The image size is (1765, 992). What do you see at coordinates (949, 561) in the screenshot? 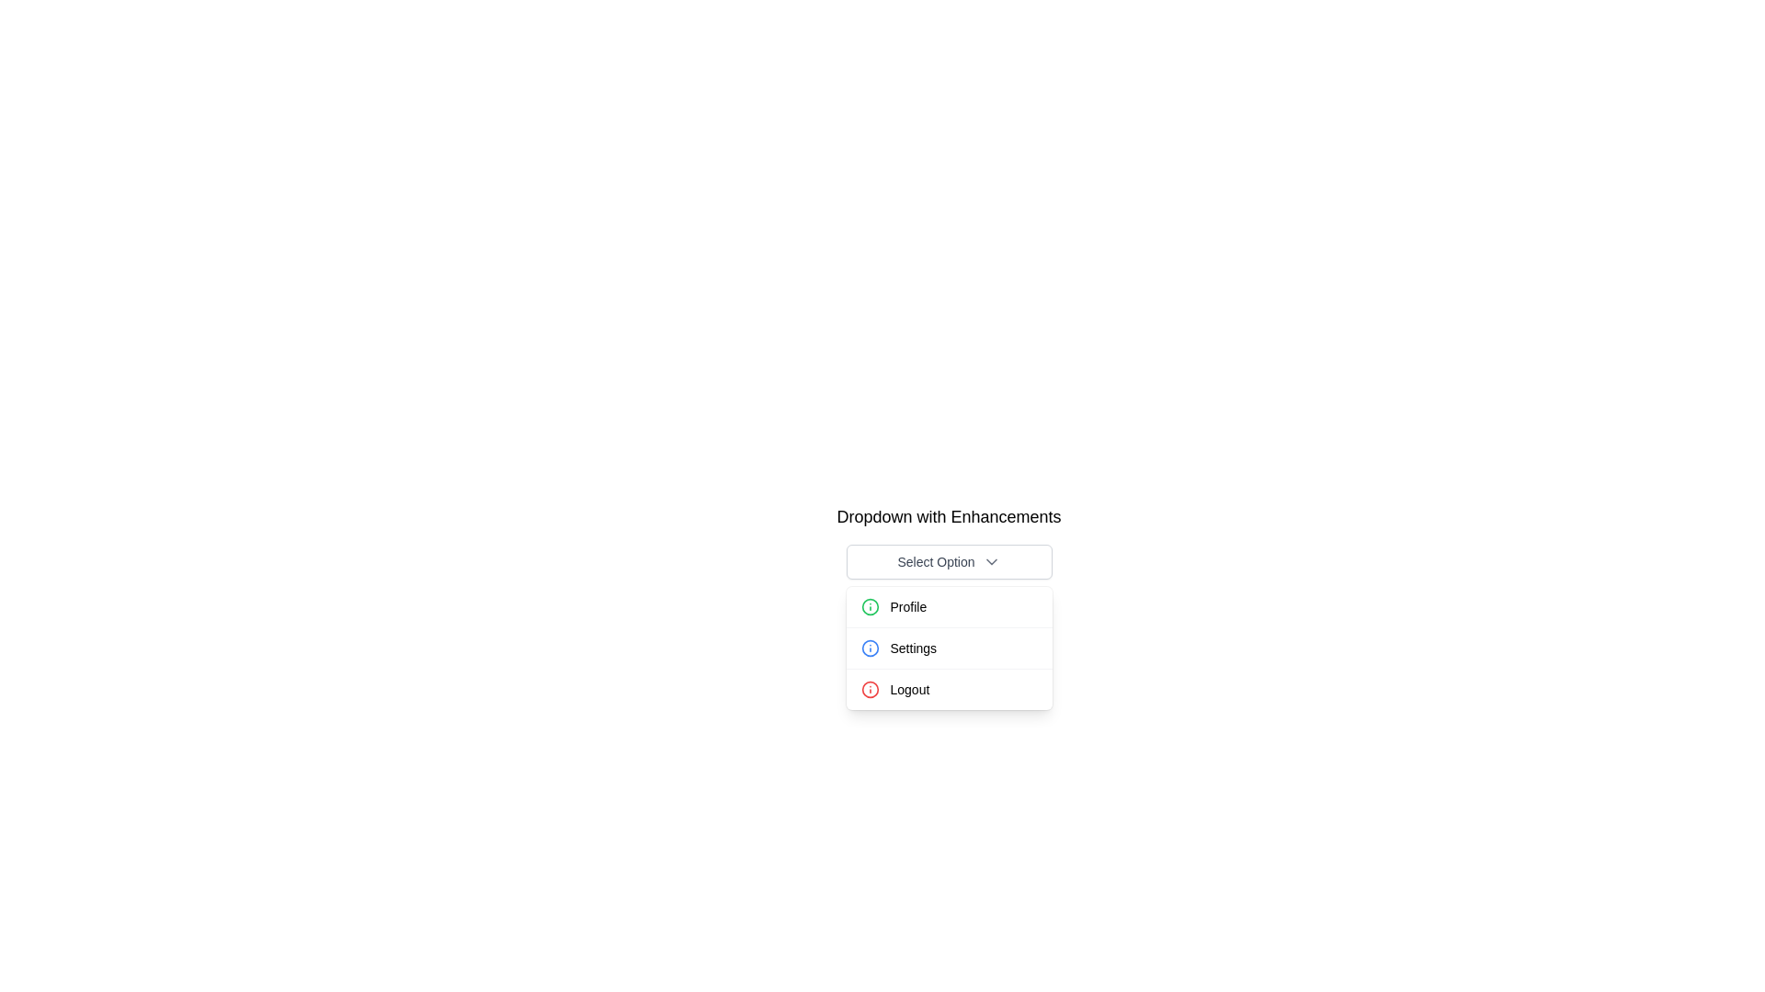
I see `the toggle button located at the top center of the dropdown menu` at bounding box center [949, 561].